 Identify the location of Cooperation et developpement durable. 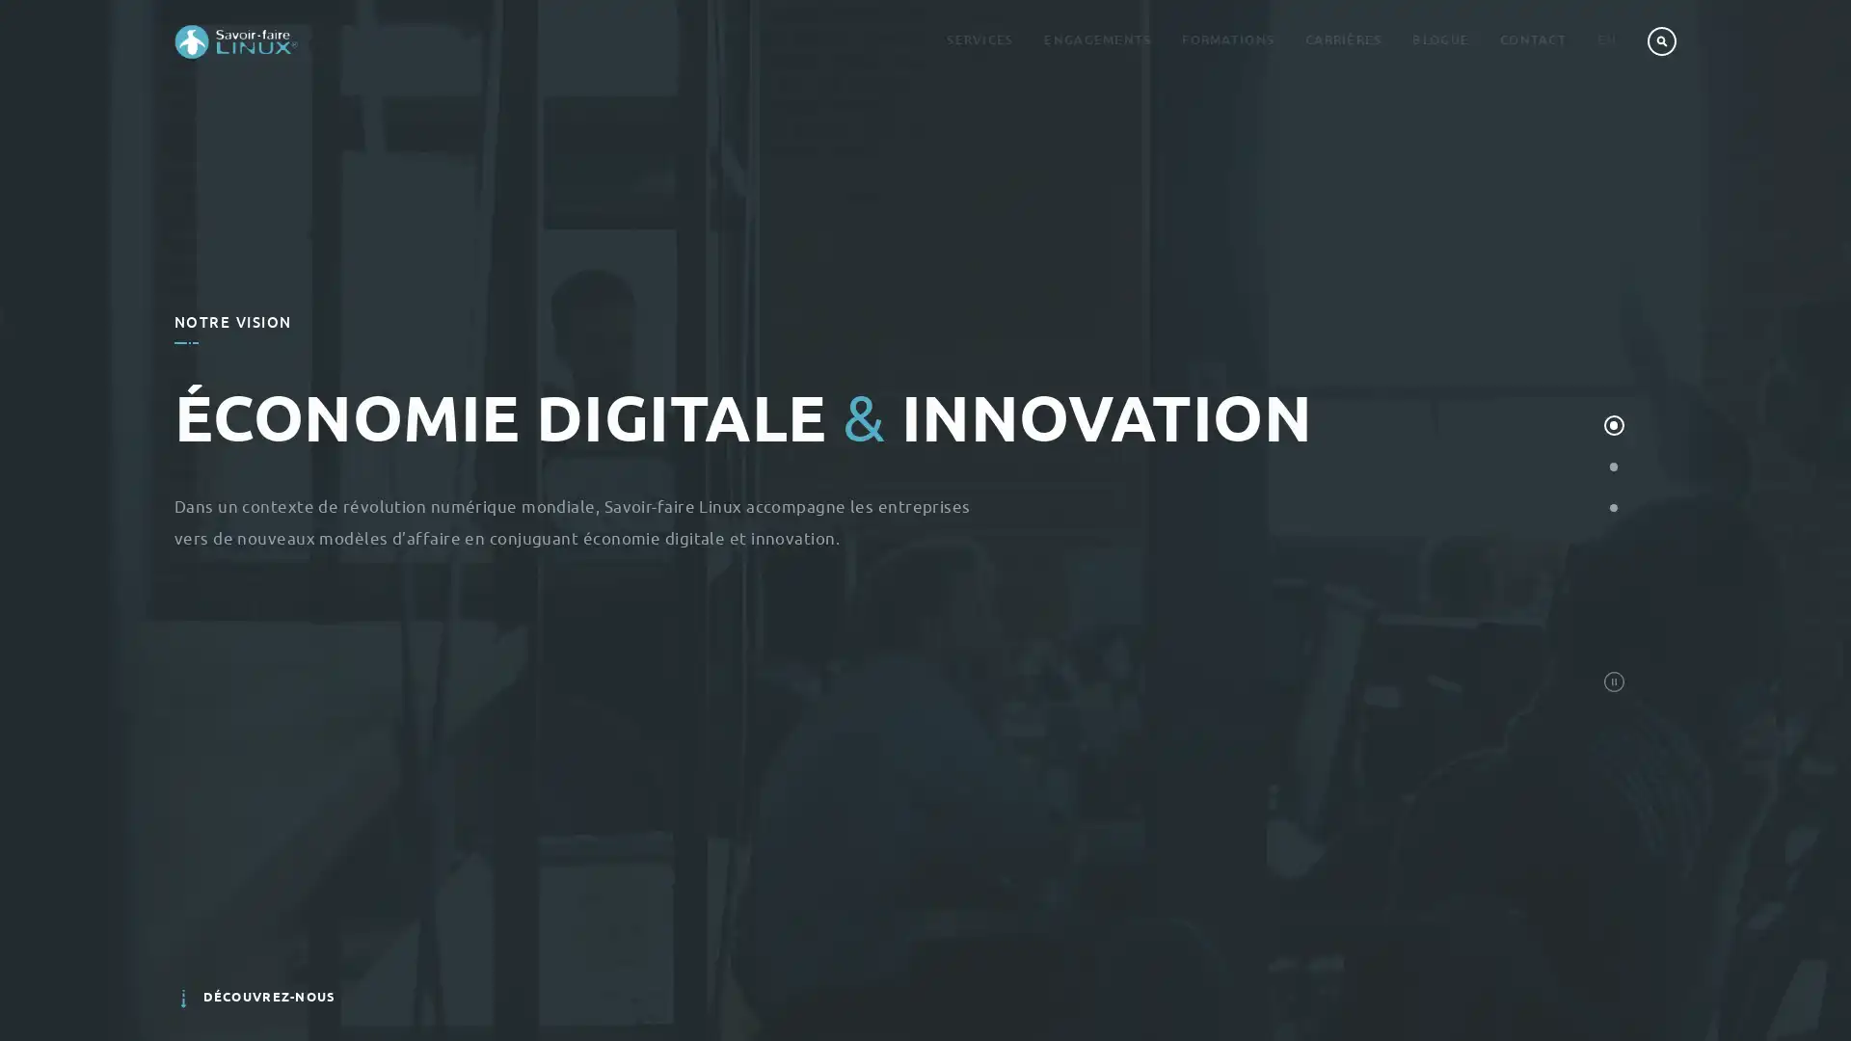
(1613, 506).